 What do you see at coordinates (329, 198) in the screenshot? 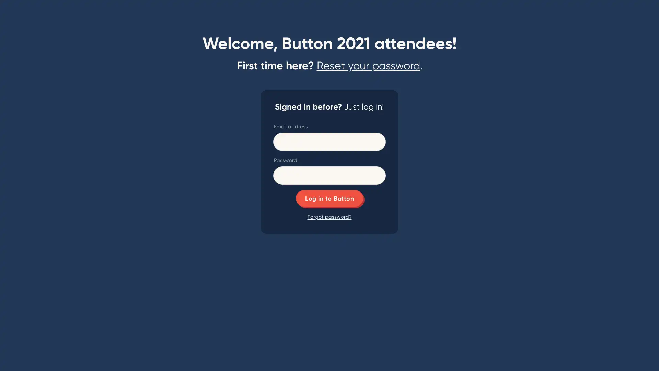
I see `Log in to Button` at bounding box center [329, 198].